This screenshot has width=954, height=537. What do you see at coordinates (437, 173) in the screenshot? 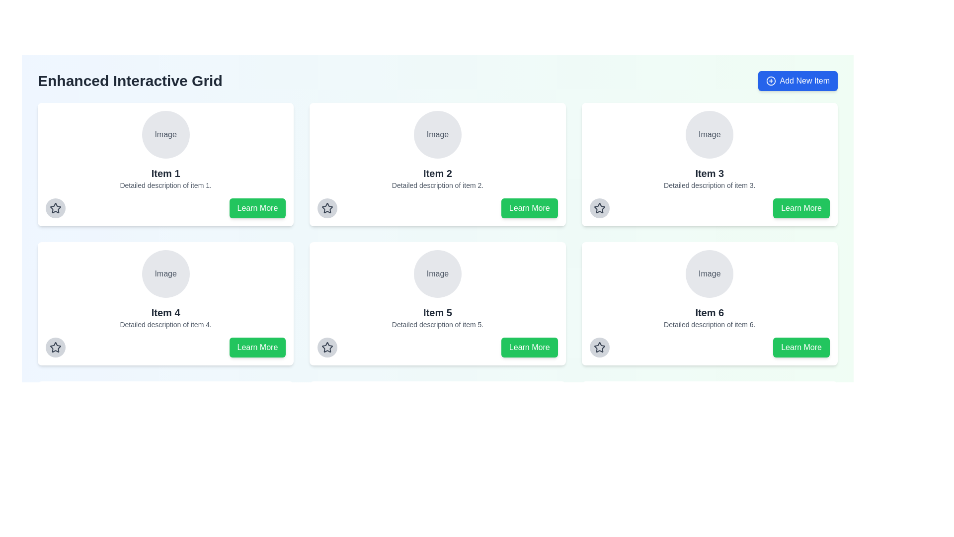
I see `text content of the Text label located as the first item's title in the second row of a grid layout, positioned below an image and above descriptive details` at bounding box center [437, 173].